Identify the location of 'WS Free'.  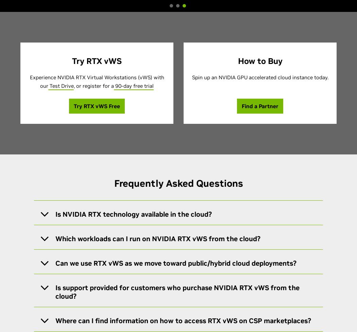
(109, 106).